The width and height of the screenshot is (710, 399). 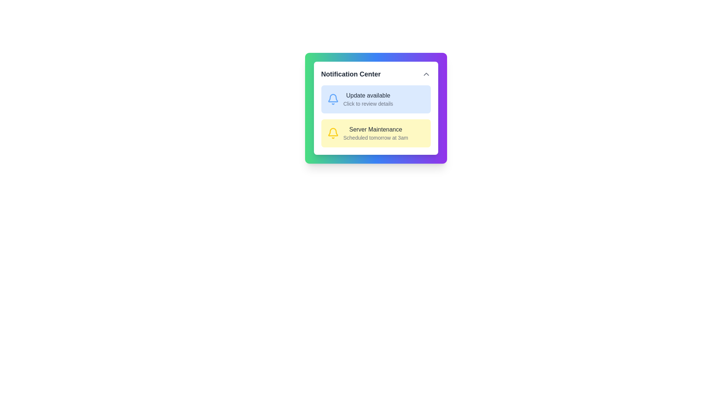 What do you see at coordinates (376, 108) in the screenshot?
I see `the Notification card that displays 'Update available' with a bell icon on the left, located in the Notification Center` at bounding box center [376, 108].